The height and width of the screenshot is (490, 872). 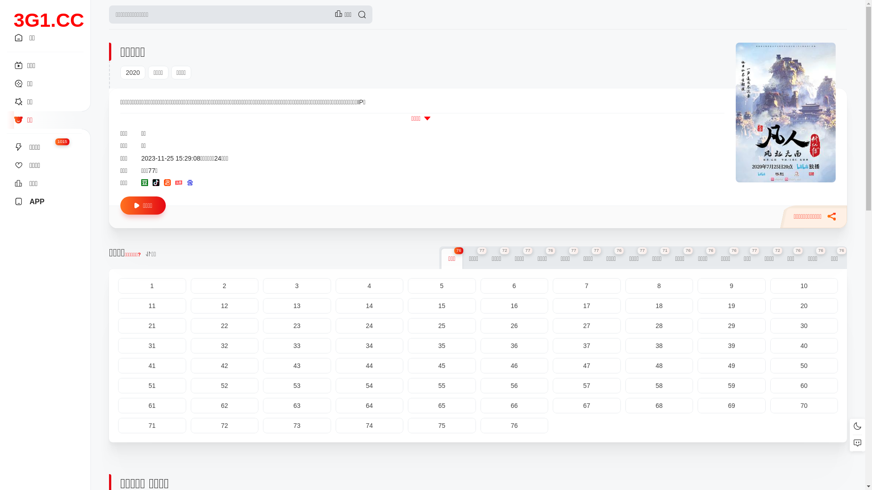 I want to click on '38', so click(x=659, y=346).